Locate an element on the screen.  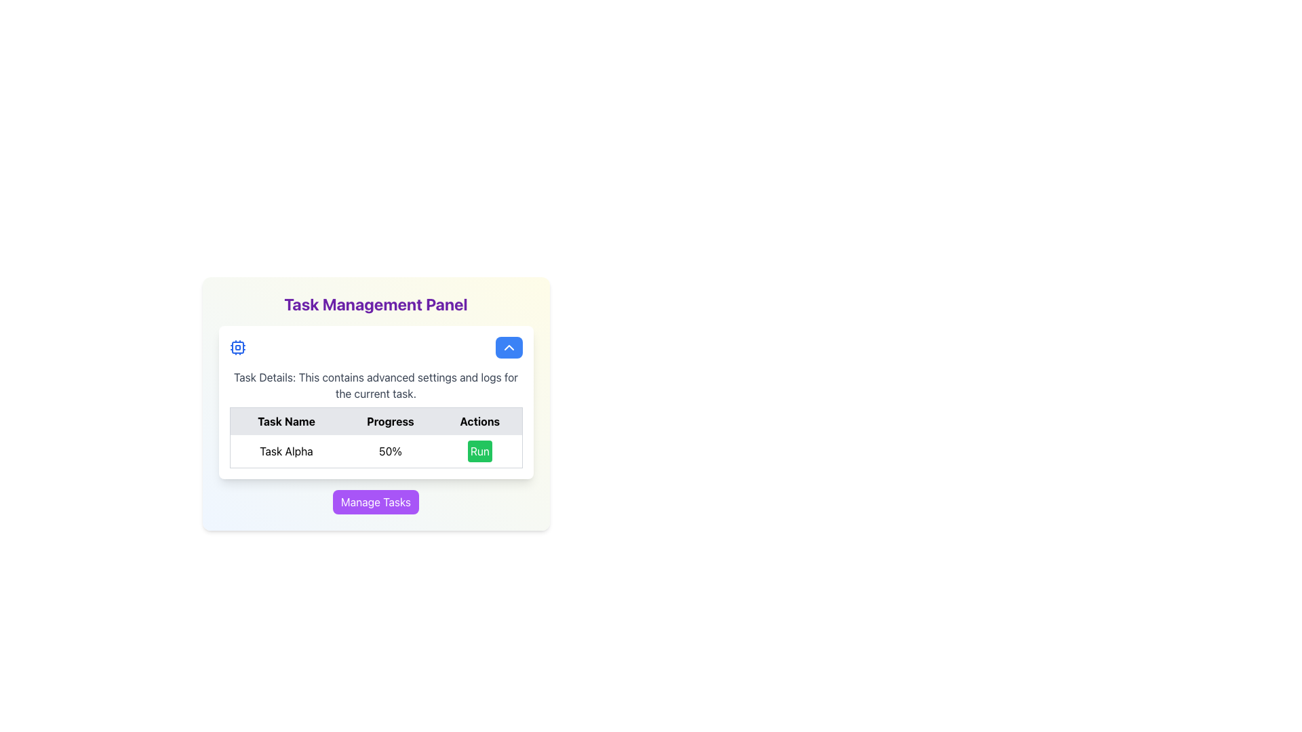
the blue rectangular button with a white upward arrow icon, located in the top-right corner of the 'Task Management Panel' is located at coordinates (508, 347).